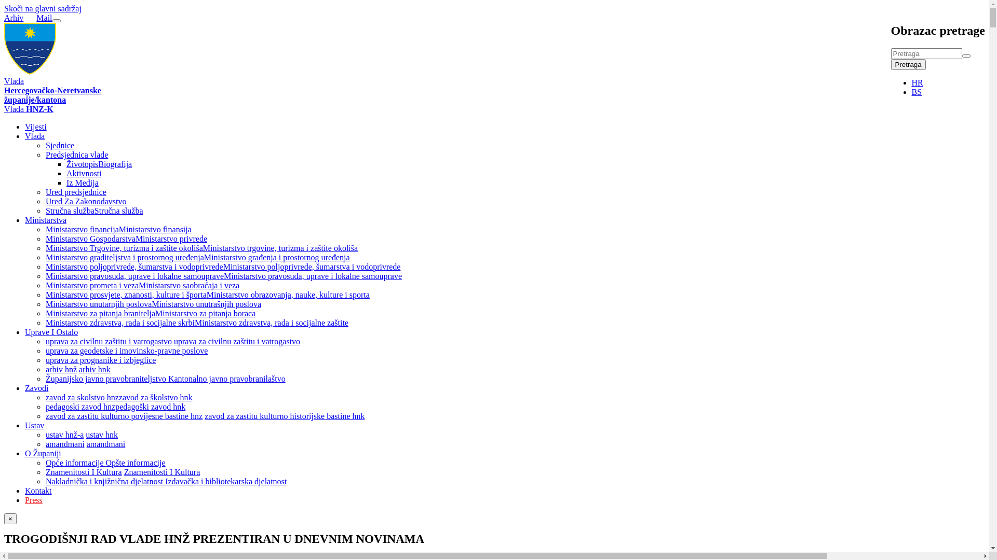 Image resolution: width=997 pixels, height=560 pixels. I want to click on 'Predsjednica vlade', so click(45, 155).